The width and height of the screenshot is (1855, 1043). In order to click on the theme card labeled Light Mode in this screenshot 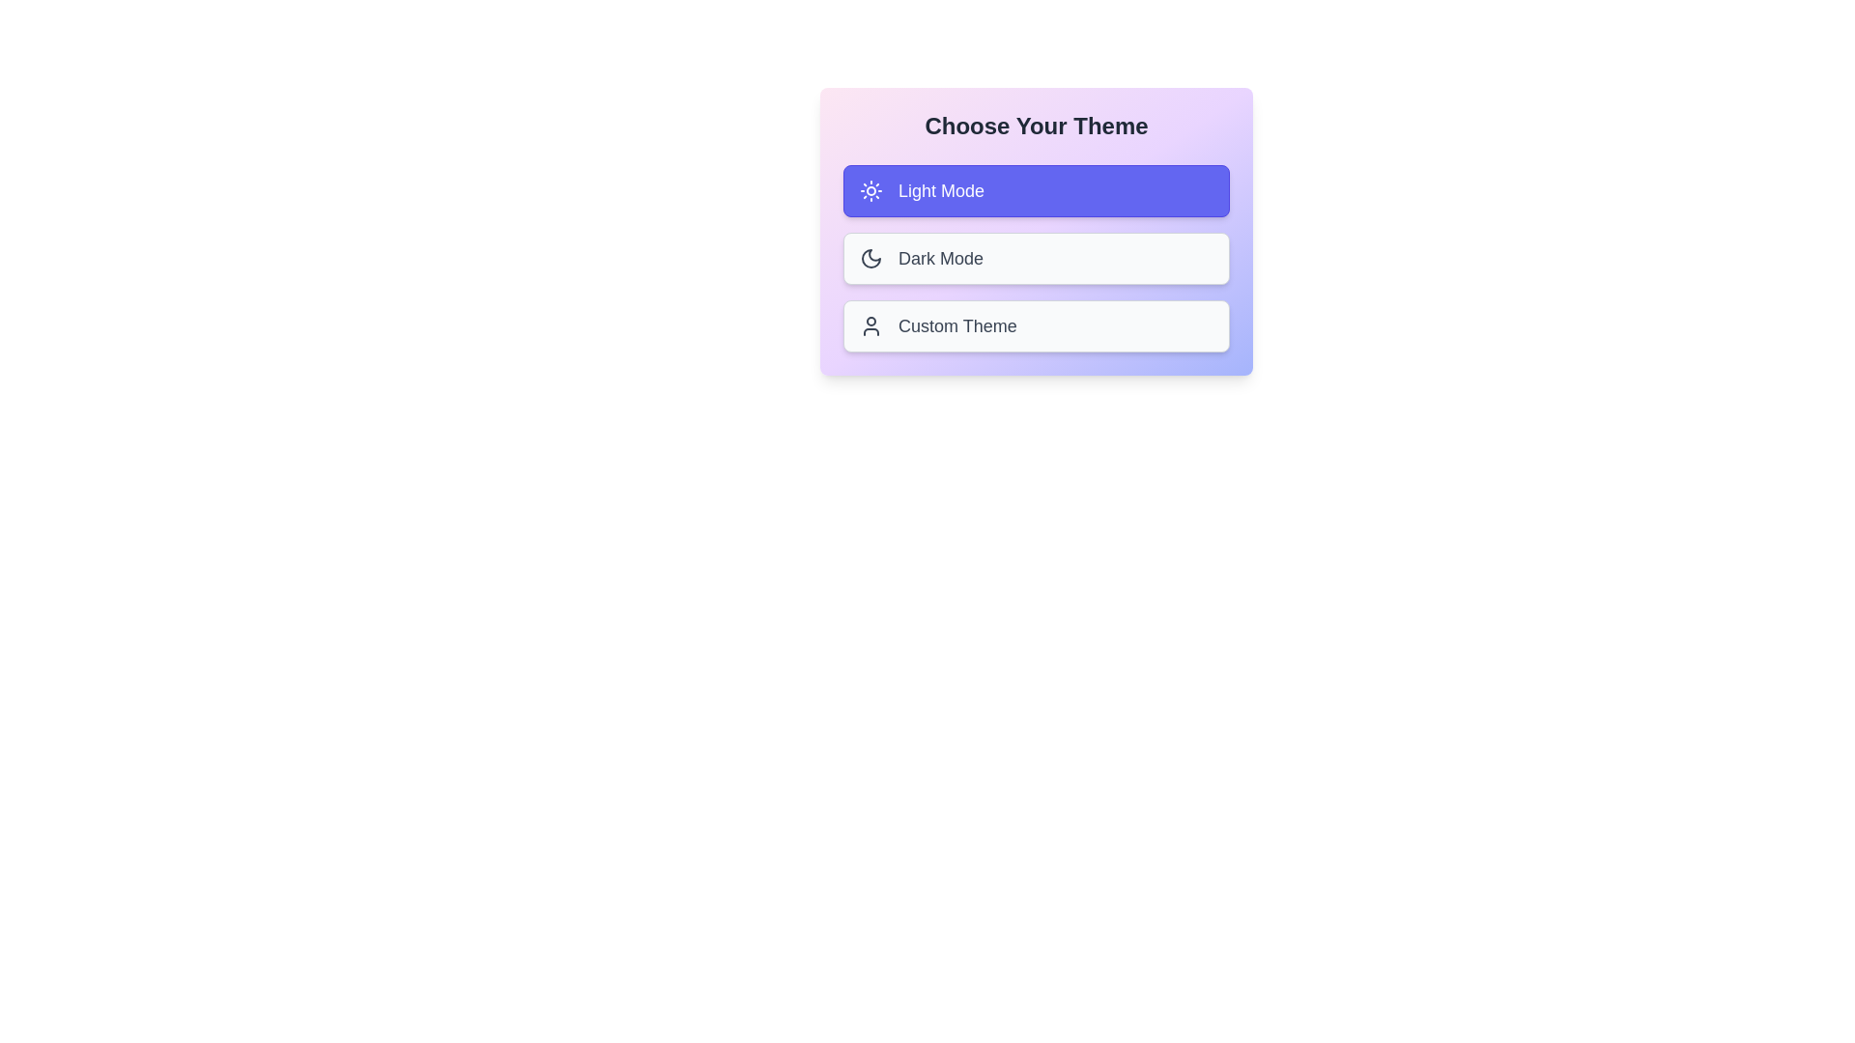, I will do `click(1036, 190)`.